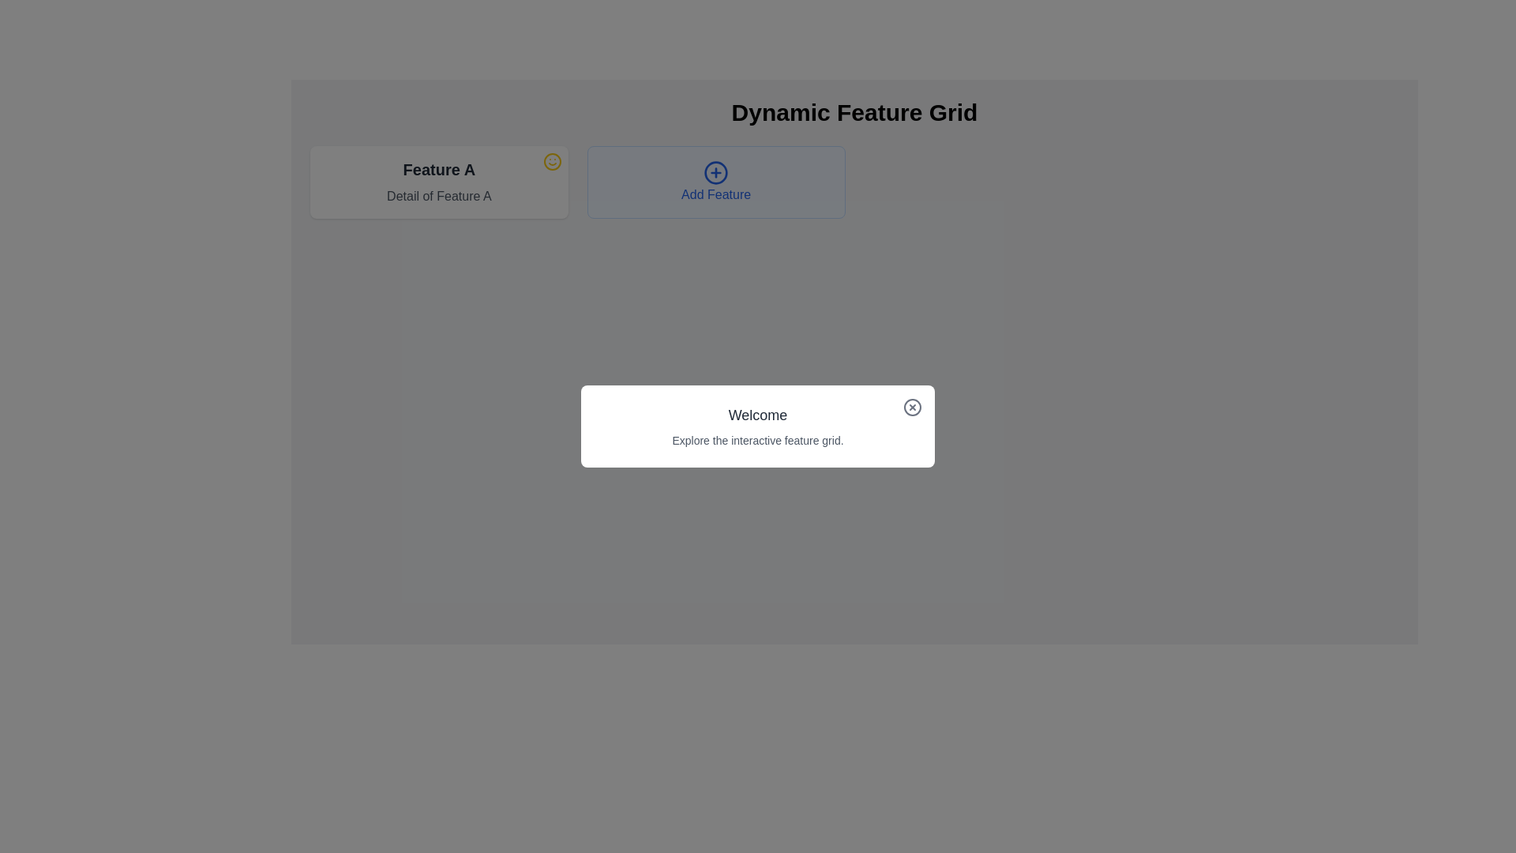 This screenshot has height=853, width=1516. I want to click on the decorative or informative icon symbolizing a smile or positivity located in the top-right corner of the feature card labeled 'Feature A', so click(552, 161).